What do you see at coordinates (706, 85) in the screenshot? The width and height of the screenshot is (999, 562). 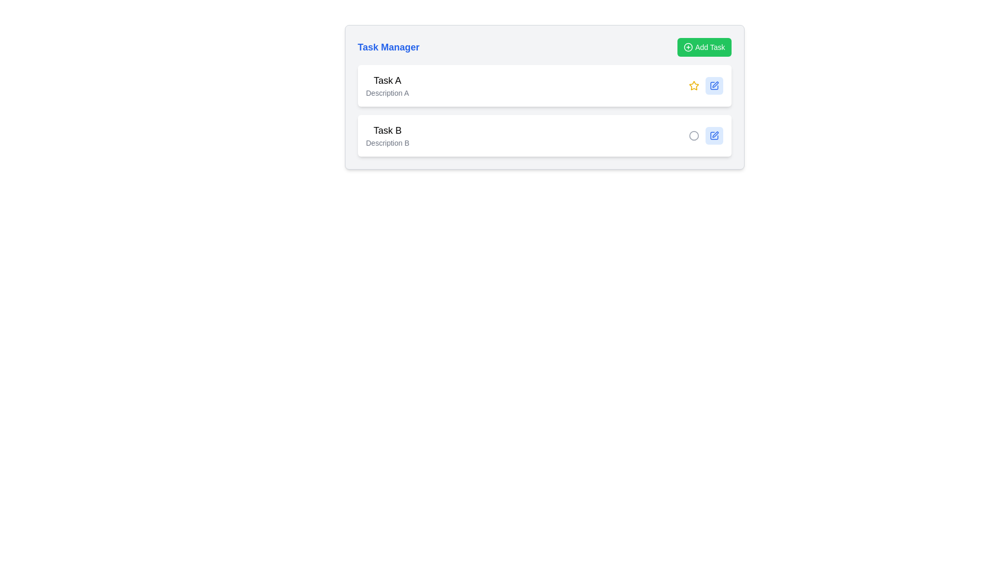 I see `the star icon located within the task card labeled 'Task A - Description A'` at bounding box center [706, 85].